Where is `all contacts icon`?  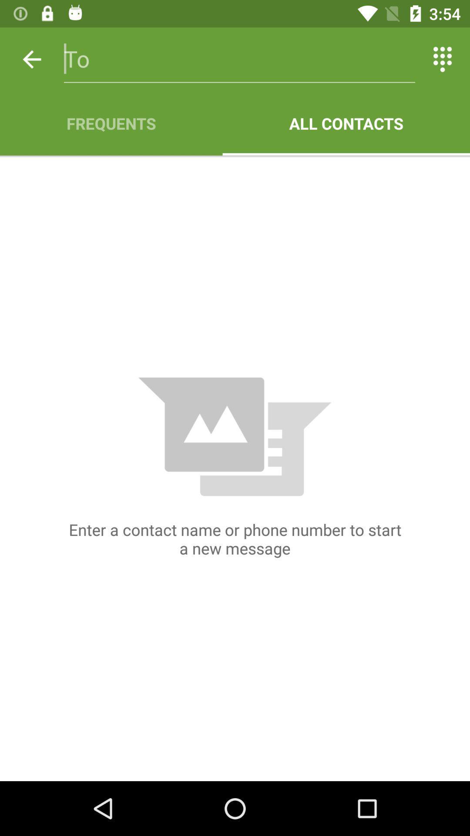
all contacts icon is located at coordinates (346, 123).